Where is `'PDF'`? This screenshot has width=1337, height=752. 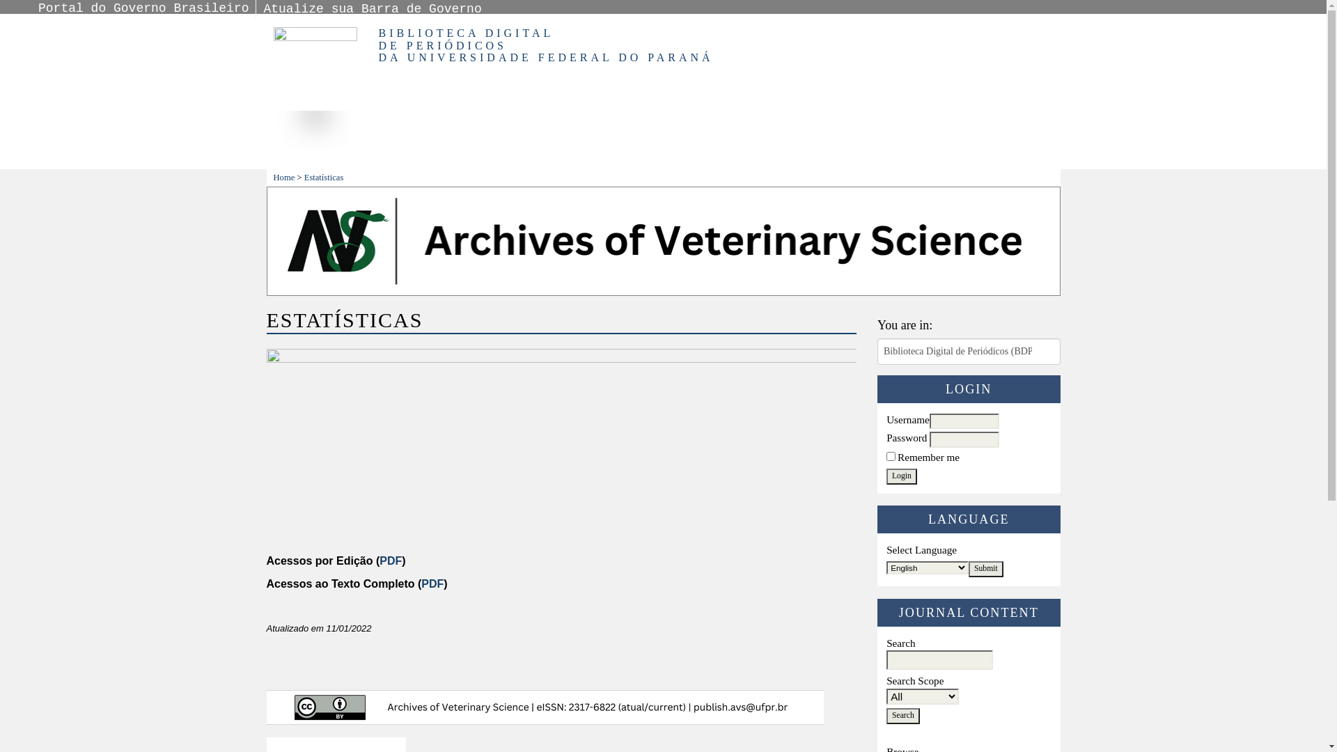 'PDF' is located at coordinates (390, 560).